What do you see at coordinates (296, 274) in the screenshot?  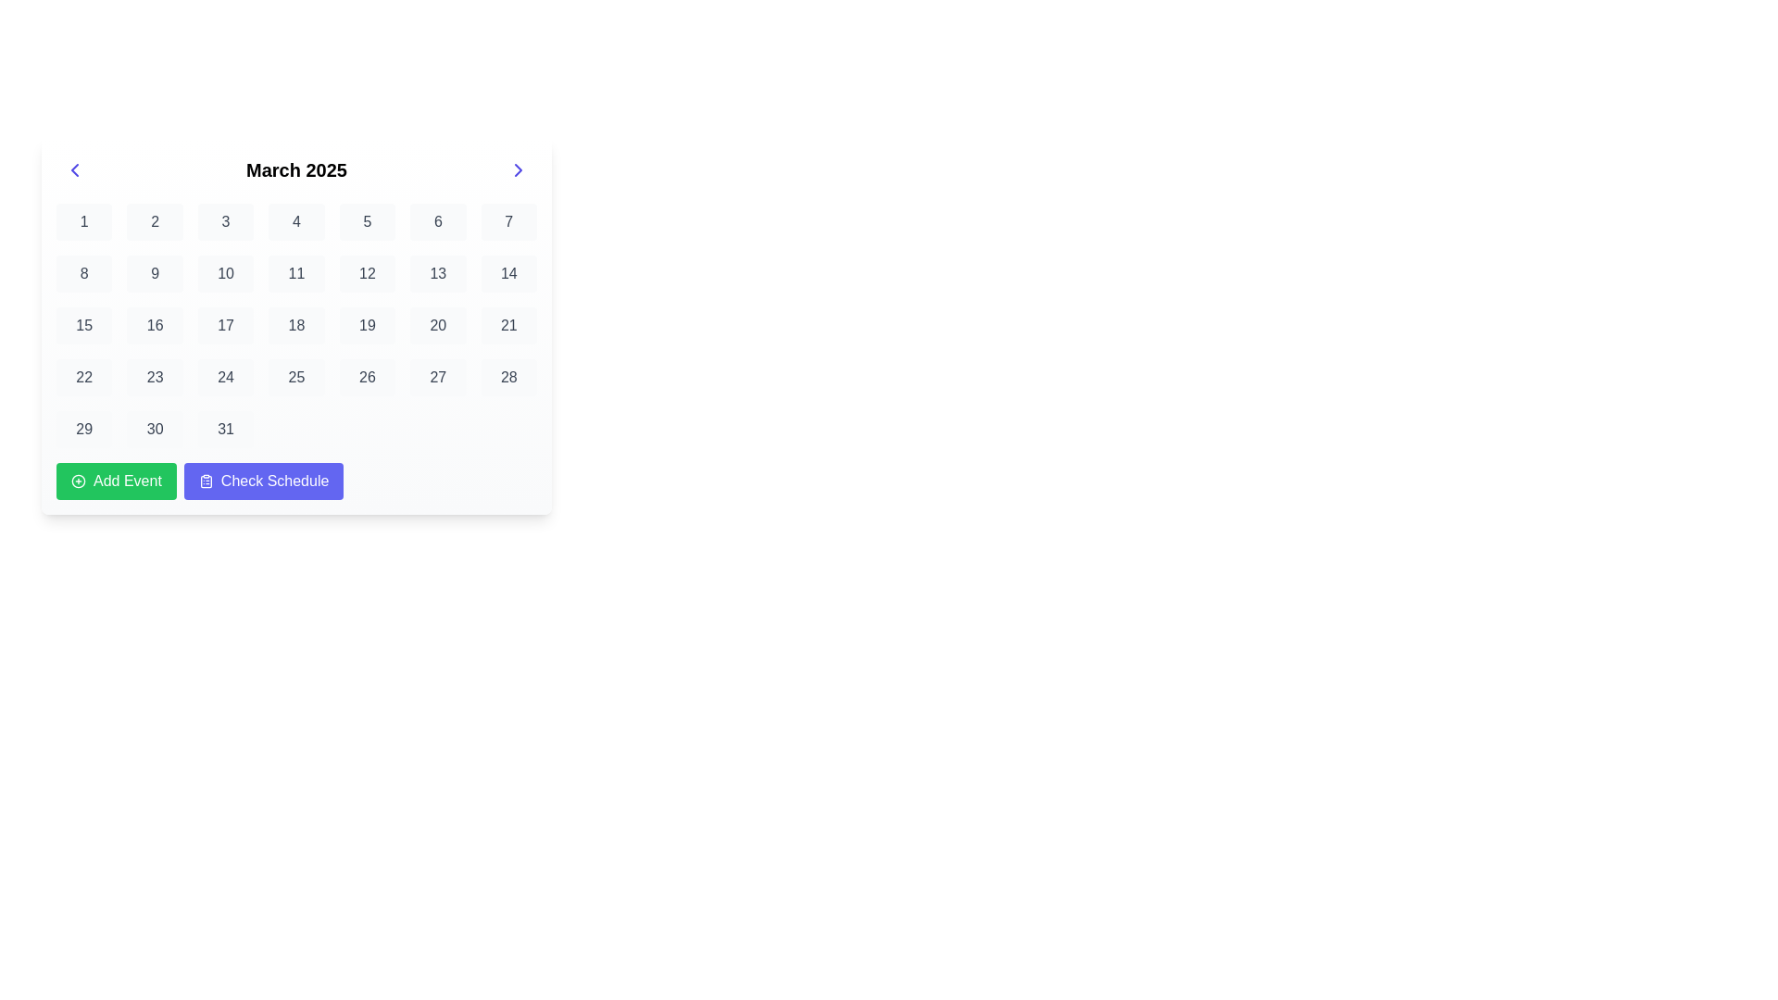 I see `the non-interactive calendar day display element representing the 11th day of the month in the March 2025 calendar interface` at bounding box center [296, 274].